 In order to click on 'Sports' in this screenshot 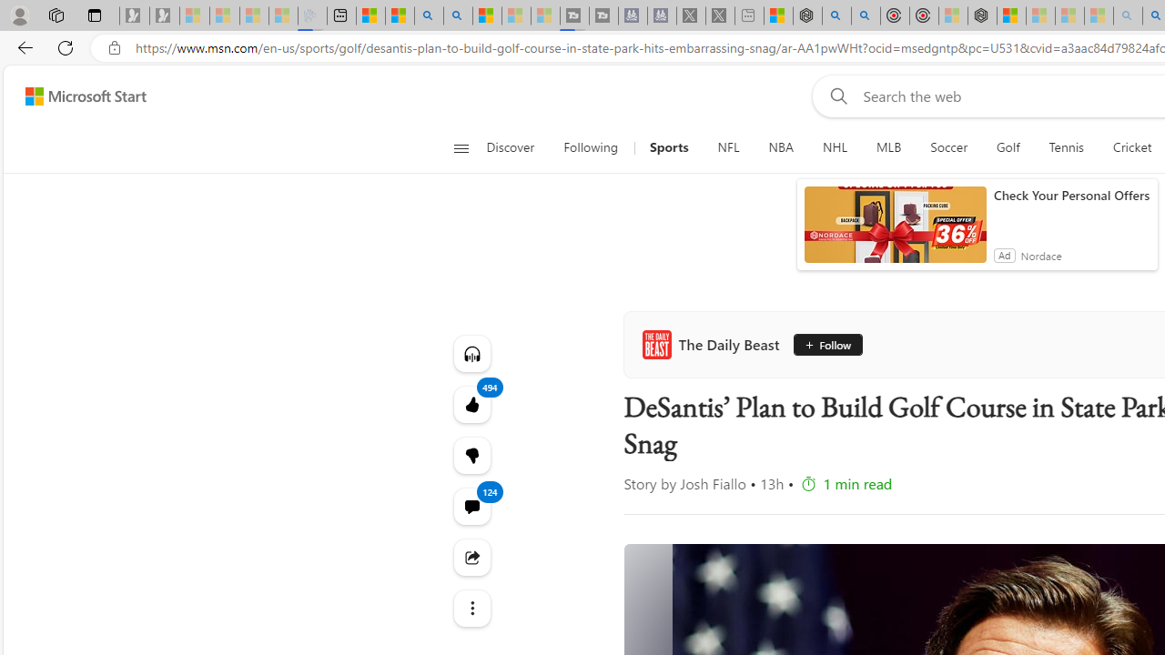, I will do `click(668, 147)`.